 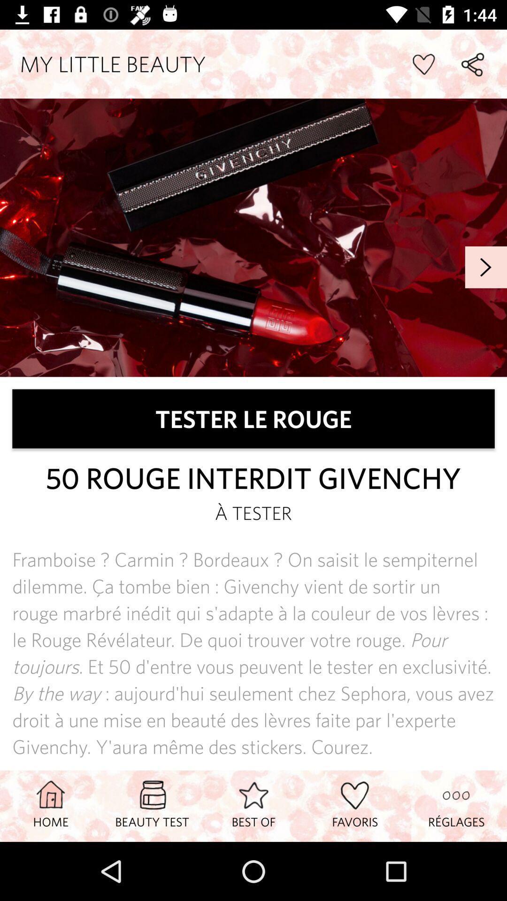 What do you see at coordinates (423, 63) in the screenshot?
I see `choose favourite symbol` at bounding box center [423, 63].